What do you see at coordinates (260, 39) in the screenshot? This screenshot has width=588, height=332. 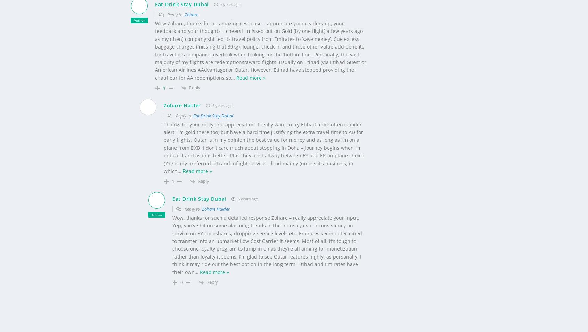 I see `'Wow Zohare, thanks for an amazing response – appreciate your readership, your feedback and your thoughts – cheers! I missed out on Gold (by one flight) a few years ago as my (then) company shifted its travel policy from Emirates to ‘save money’. Cue excess baggage charges (missing that 30kg), lounge, check-in and those other value-add benefits for travellers companies overlook when looking for the ‘bottom line’. Personally, the vast majority of my flights are redemptions/award flights, usually on Etihad (via Etihad Guest or American Airlines AAdvantage) or Qatar. However, Etihad have stopped providing the chauffeur for AA redemptions so'` at bounding box center [260, 39].